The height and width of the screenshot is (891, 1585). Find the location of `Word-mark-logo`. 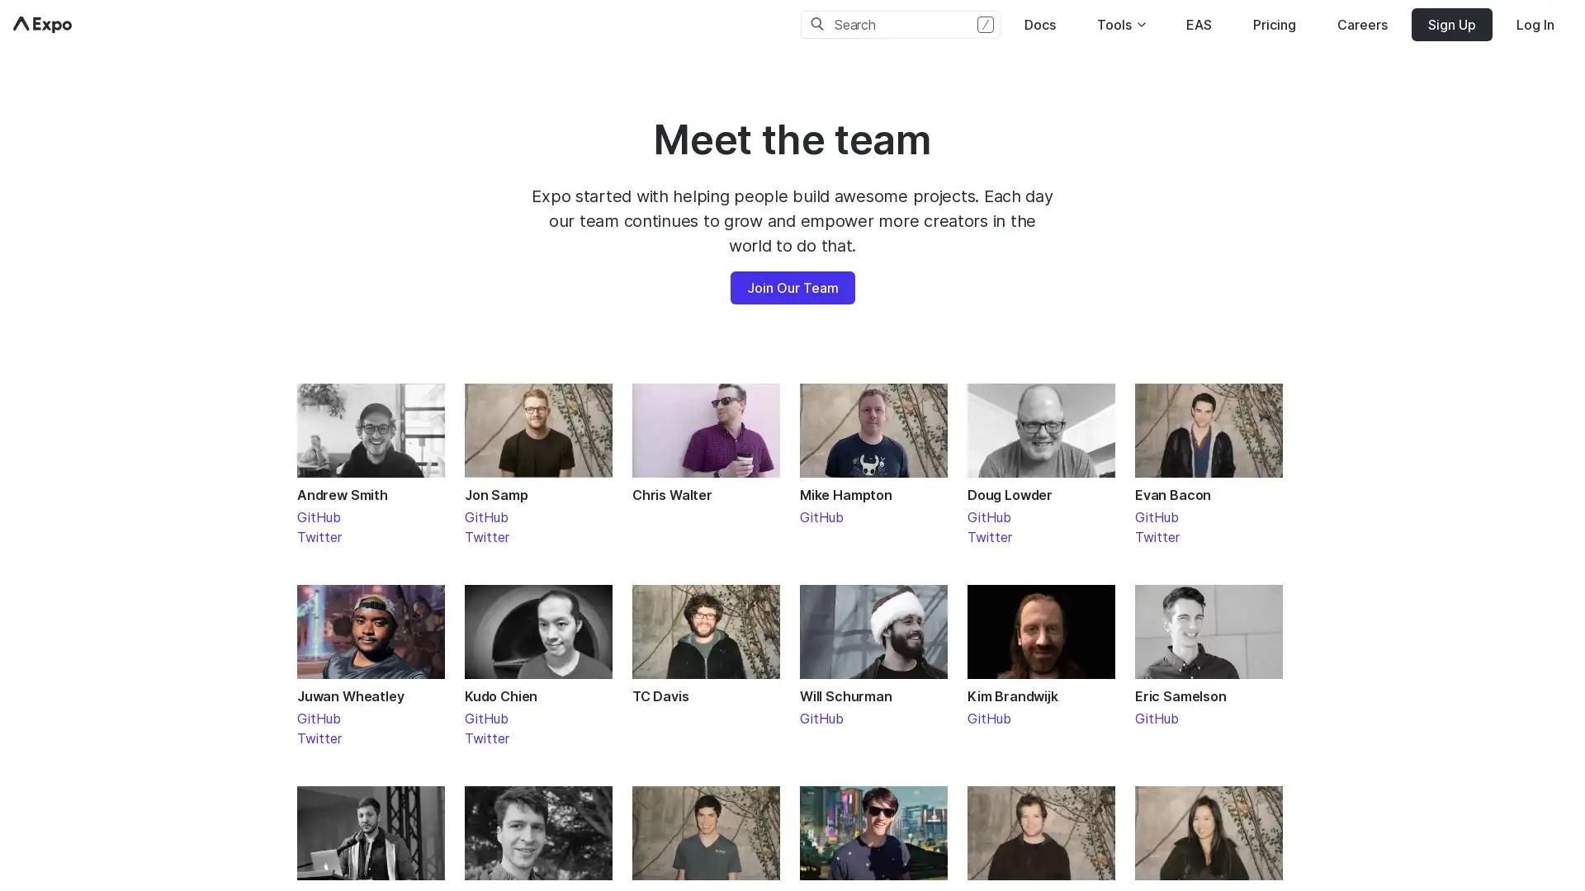

Word-mark-logo is located at coordinates (42, 25).